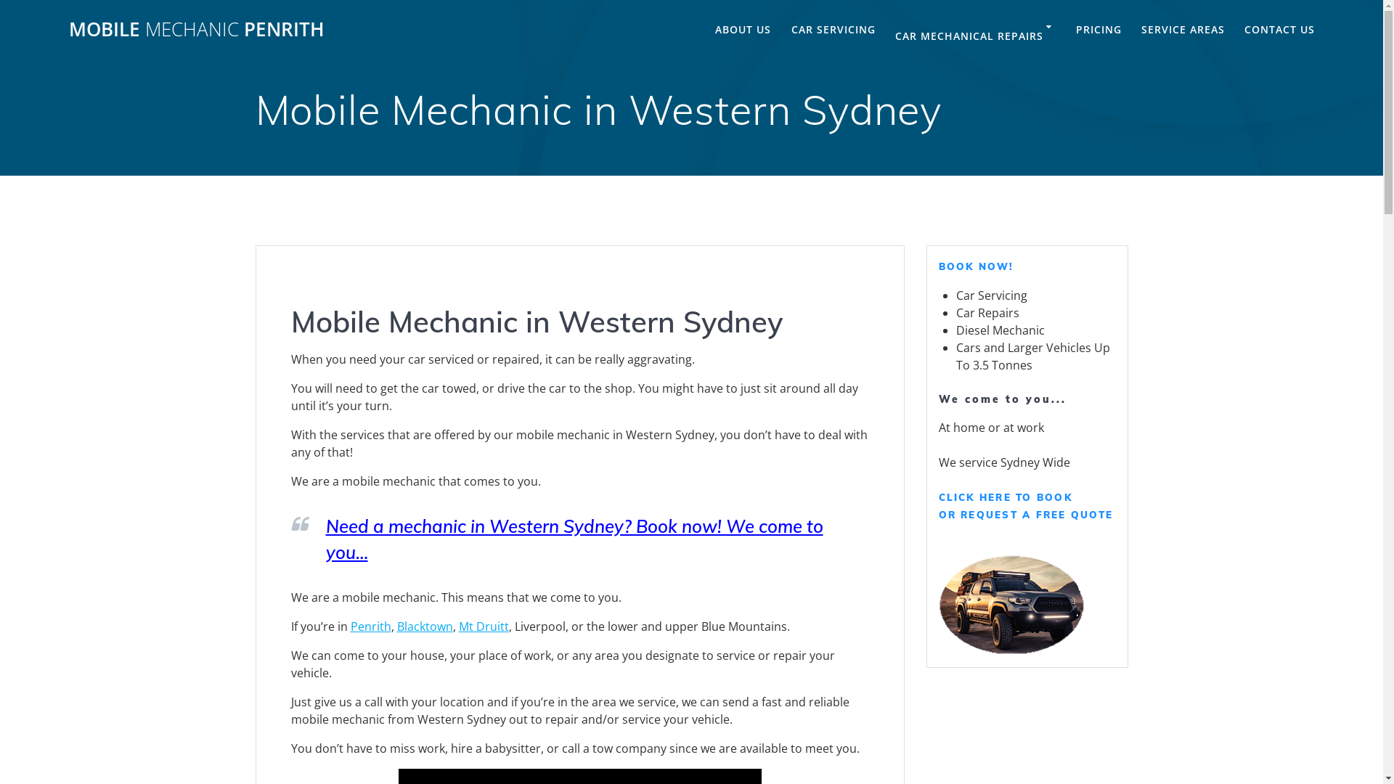 The image size is (1394, 784). Describe the element at coordinates (1099, 30) in the screenshot. I see `'PRICING'` at that location.